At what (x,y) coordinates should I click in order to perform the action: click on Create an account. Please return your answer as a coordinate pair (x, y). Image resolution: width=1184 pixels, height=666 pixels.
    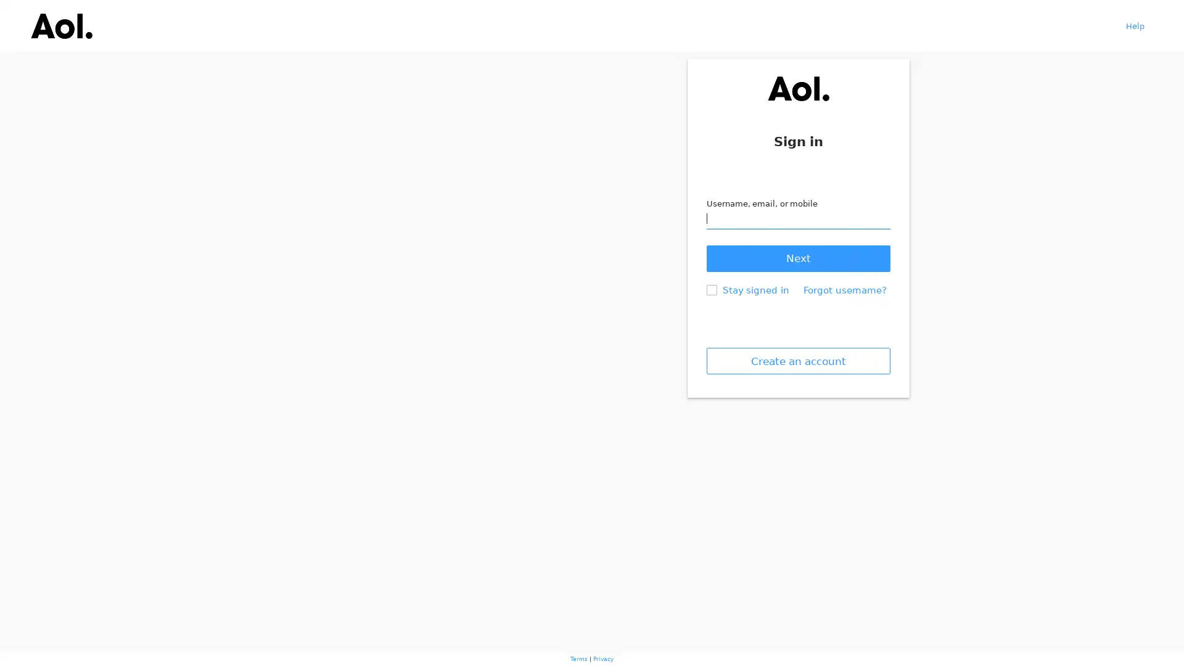
    Looking at the image, I should click on (798, 361).